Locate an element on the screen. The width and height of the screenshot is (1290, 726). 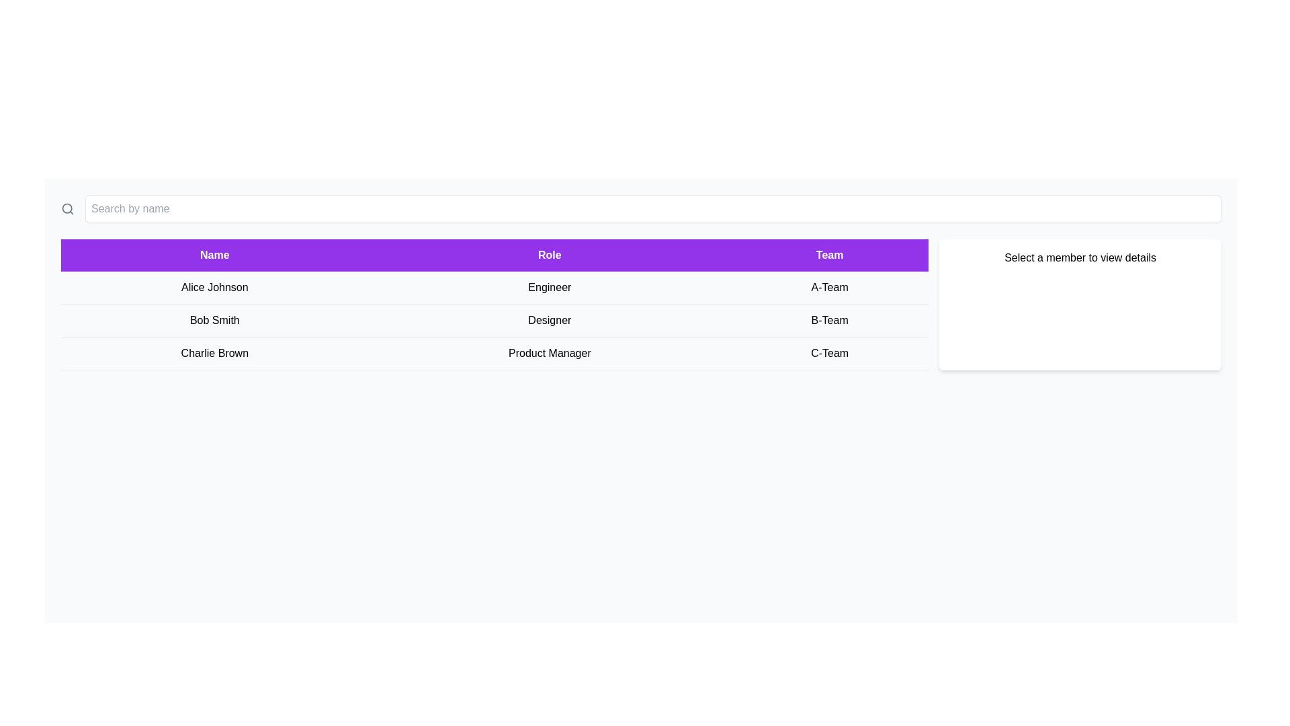
the circular part of the magnifying glass icon, which is located on the far left of the search bar at the top of the interface is located at coordinates (67, 208).